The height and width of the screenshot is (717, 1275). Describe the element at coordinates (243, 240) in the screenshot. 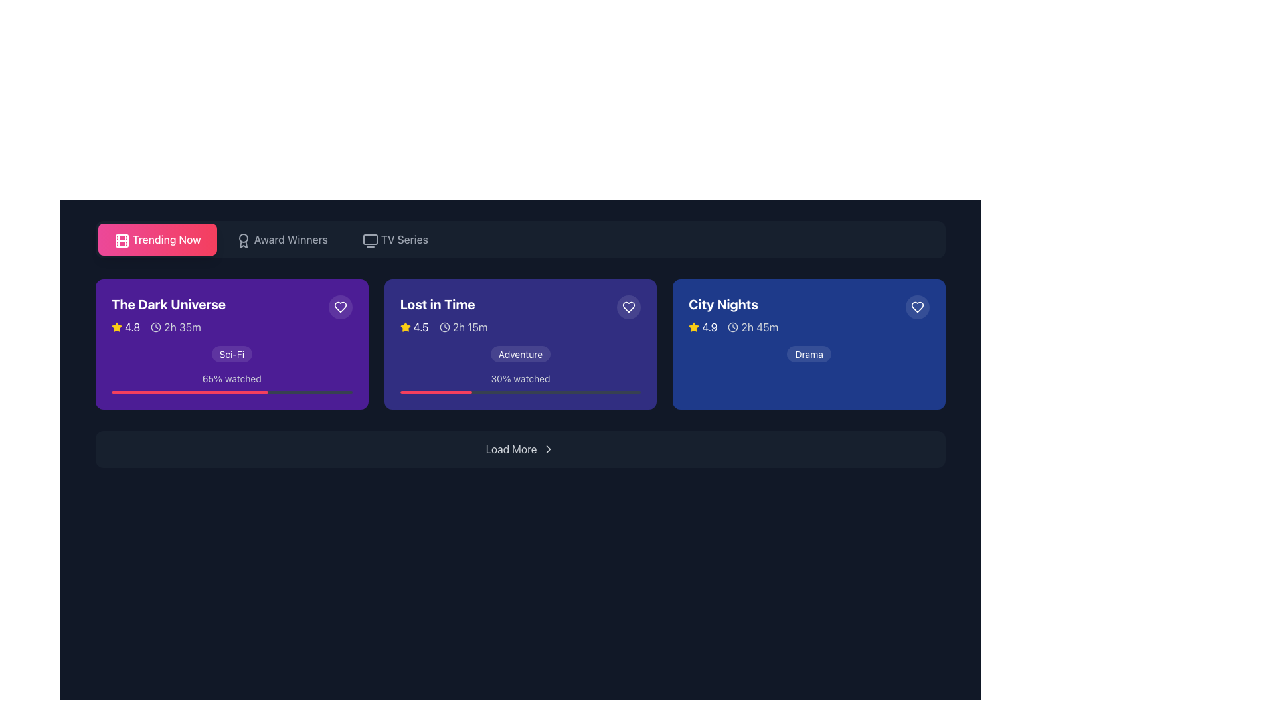

I see `the award-winning content navigation icon located in the header navigation bar, positioned between the 'Trending Now' and 'TV Series' tabs` at that location.